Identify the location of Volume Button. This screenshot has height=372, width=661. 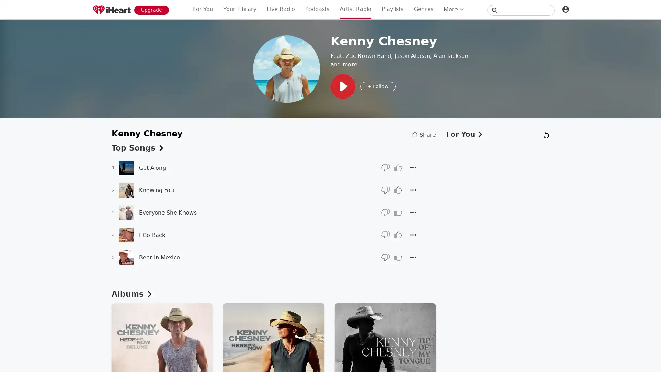
(364, 355).